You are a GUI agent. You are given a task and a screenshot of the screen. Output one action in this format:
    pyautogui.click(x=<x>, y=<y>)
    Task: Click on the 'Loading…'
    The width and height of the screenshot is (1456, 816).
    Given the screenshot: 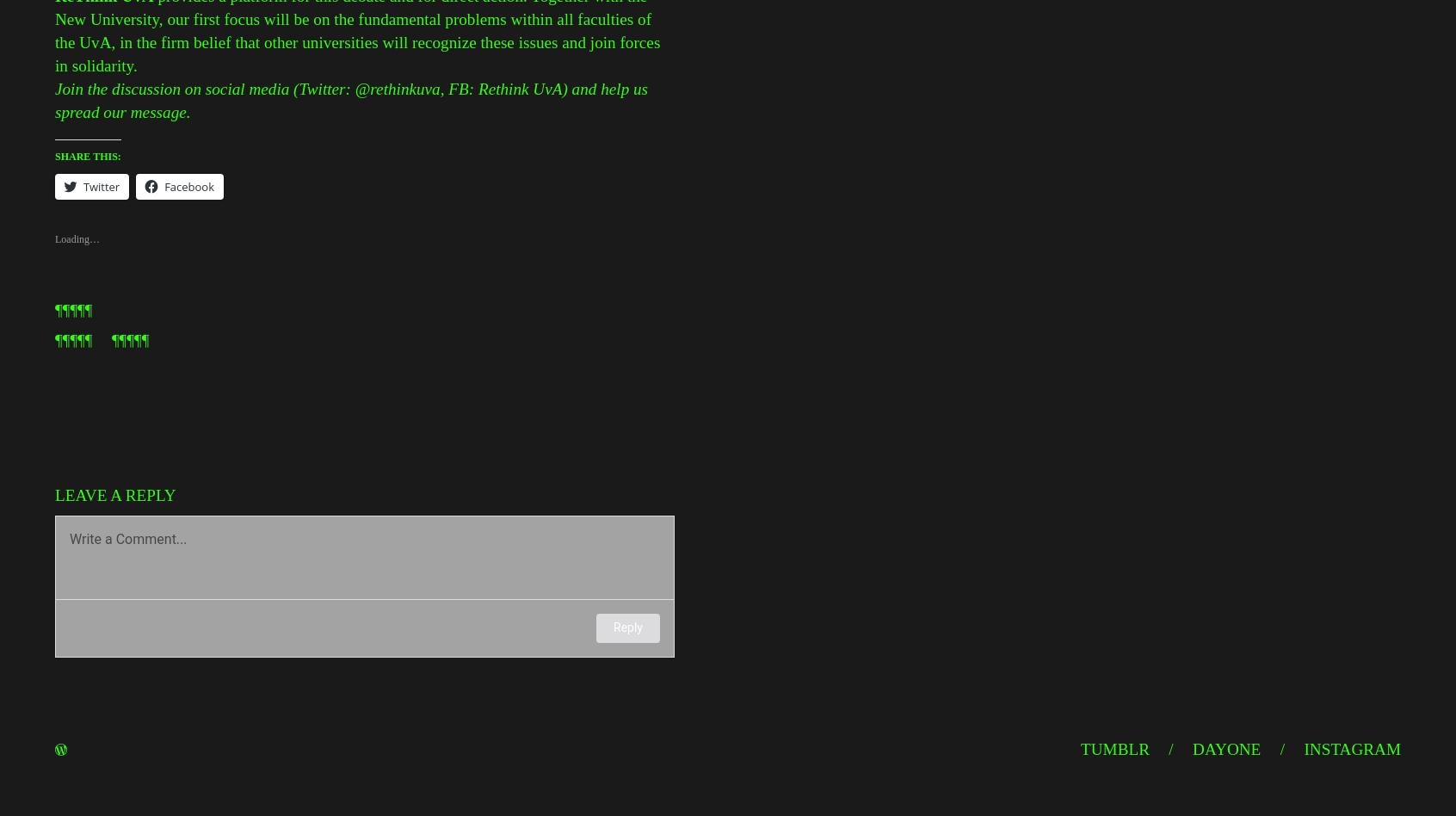 What is the action you would take?
    pyautogui.click(x=77, y=238)
    